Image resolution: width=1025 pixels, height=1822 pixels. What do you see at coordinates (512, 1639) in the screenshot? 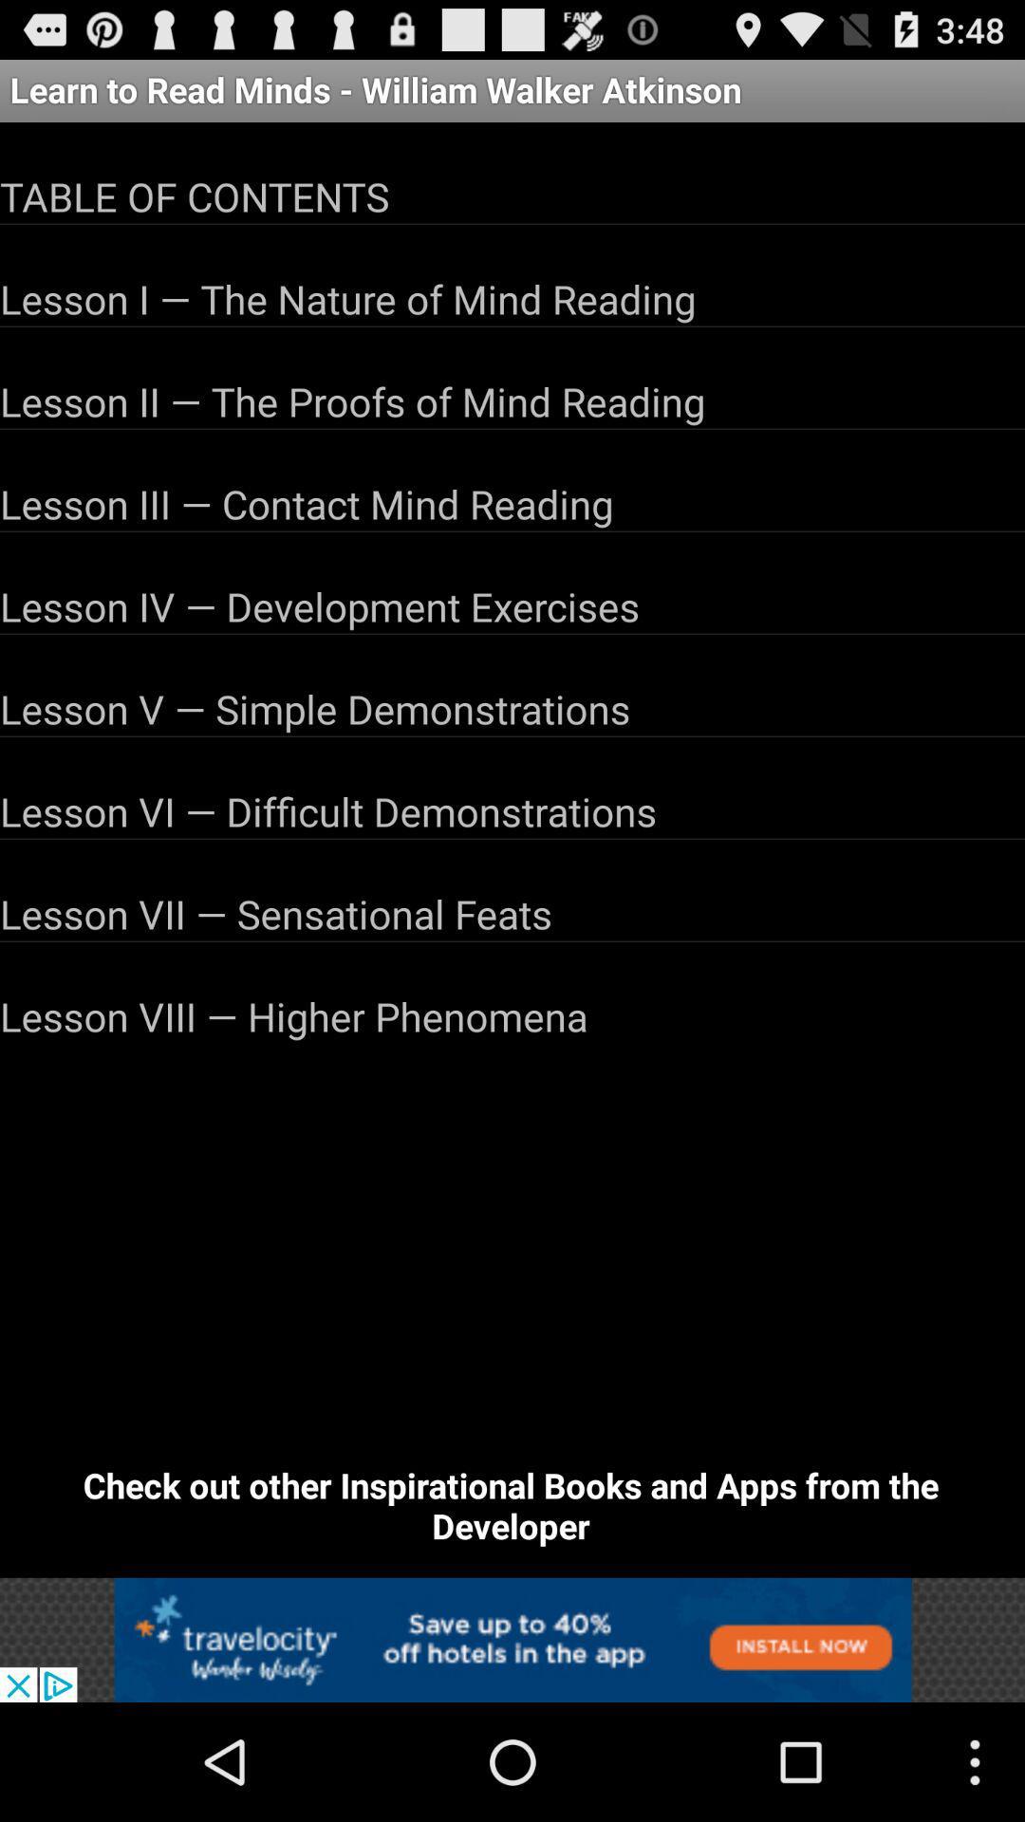
I see `advertisement display` at bounding box center [512, 1639].